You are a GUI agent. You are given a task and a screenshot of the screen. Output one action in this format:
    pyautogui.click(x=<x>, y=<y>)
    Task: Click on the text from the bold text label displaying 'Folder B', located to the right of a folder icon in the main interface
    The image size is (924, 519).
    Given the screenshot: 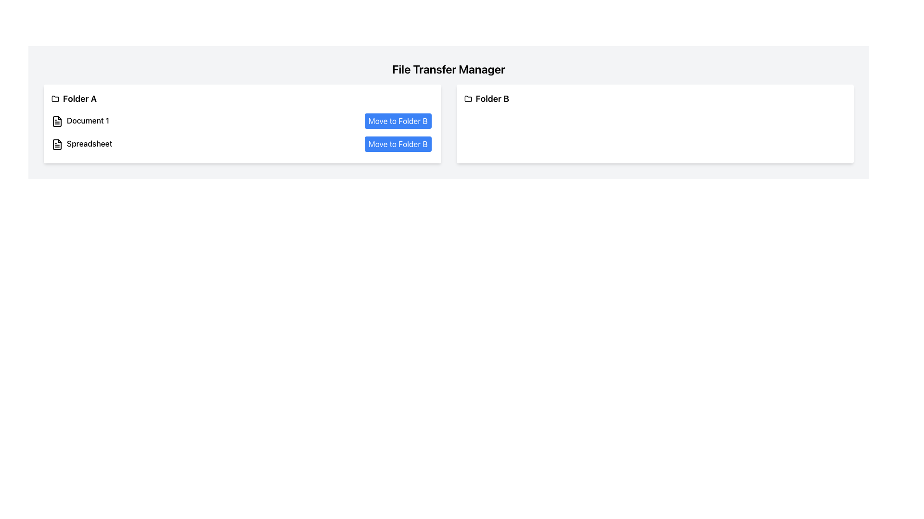 What is the action you would take?
    pyautogui.click(x=492, y=99)
    